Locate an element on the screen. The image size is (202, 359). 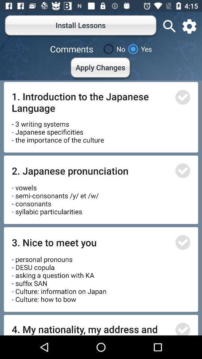
icon above 3 nice to icon is located at coordinates (55, 197).